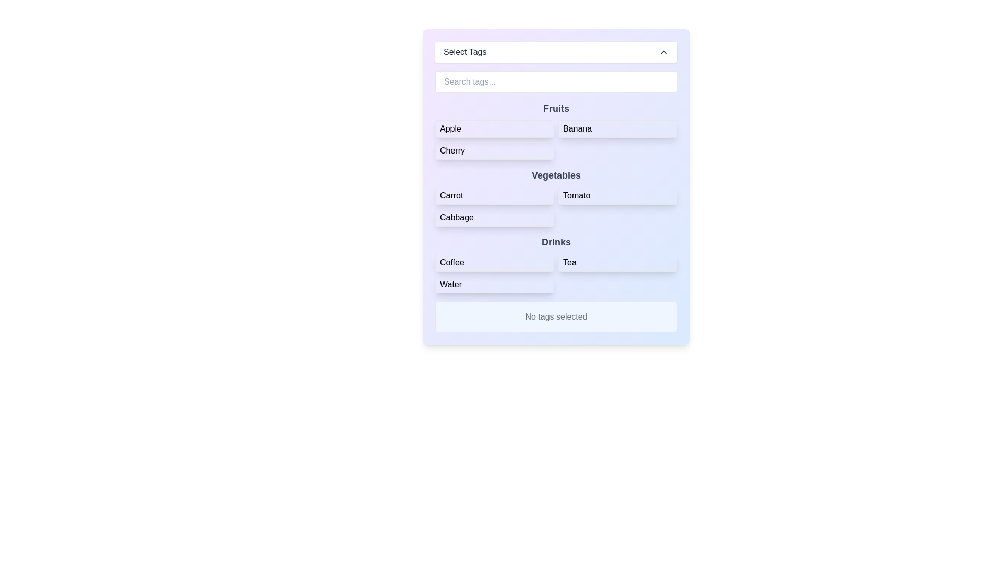  Describe the element at coordinates (555, 263) in the screenshot. I see `the Section with selectable tags for drink options (Coffee, Tea, Water)` at that location.